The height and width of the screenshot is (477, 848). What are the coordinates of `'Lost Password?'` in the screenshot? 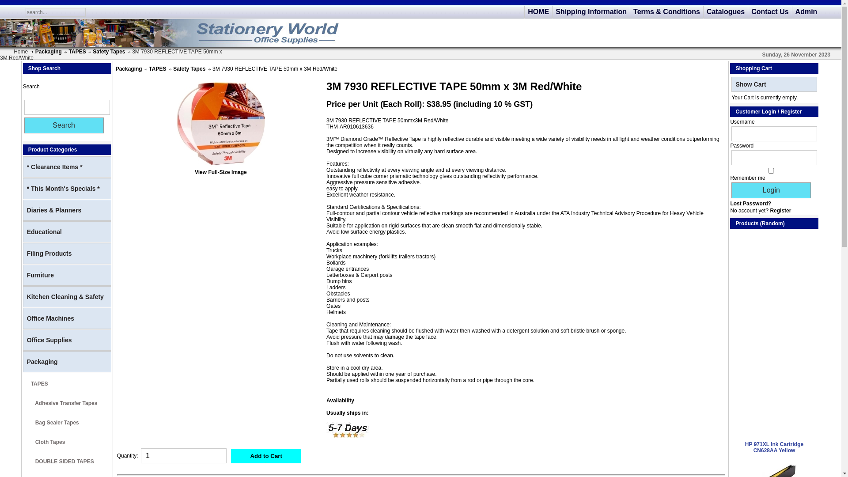 It's located at (730, 204).